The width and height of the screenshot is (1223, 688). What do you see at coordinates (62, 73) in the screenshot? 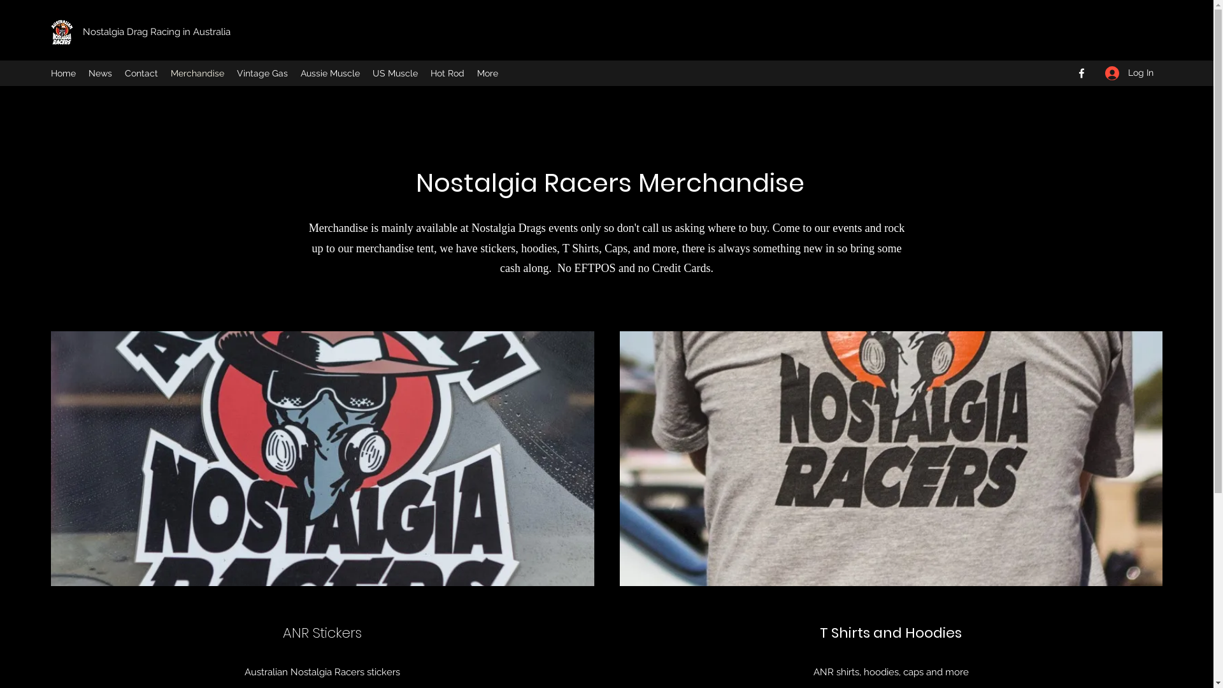
I see `'Home'` at bounding box center [62, 73].